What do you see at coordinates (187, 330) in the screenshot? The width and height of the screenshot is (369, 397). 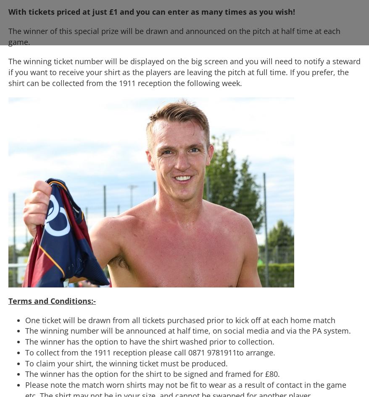 I see `'The winning number will be announced at half time, on social media and via the PA system.'` at bounding box center [187, 330].